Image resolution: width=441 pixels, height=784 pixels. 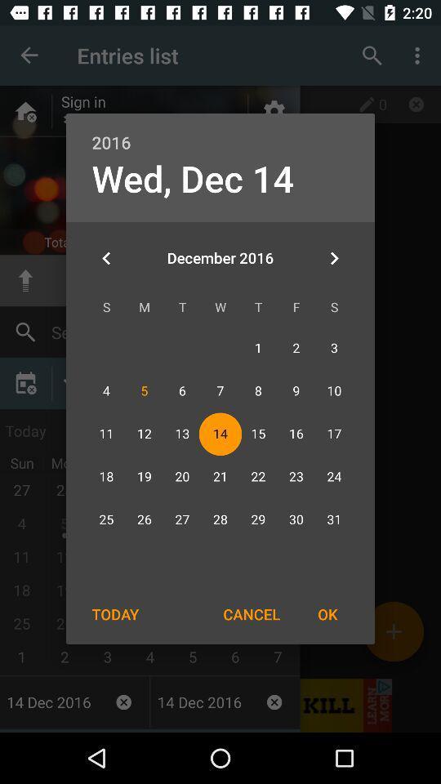 What do you see at coordinates (252, 613) in the screenshot?
I see `the icon to the right of today` at bounding box center [252, 613].